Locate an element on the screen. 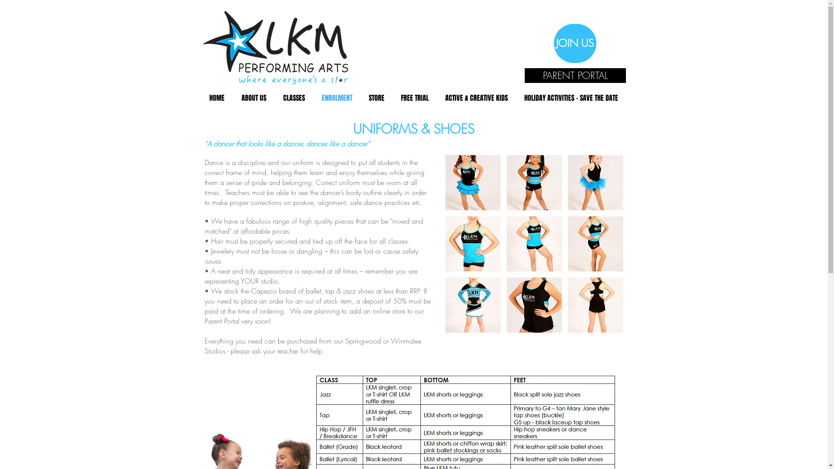 The image size is (834, 469). 'HOLIDAY ACTIVITIES - SAVE THE DATE' is located at coordinates (571, 98).